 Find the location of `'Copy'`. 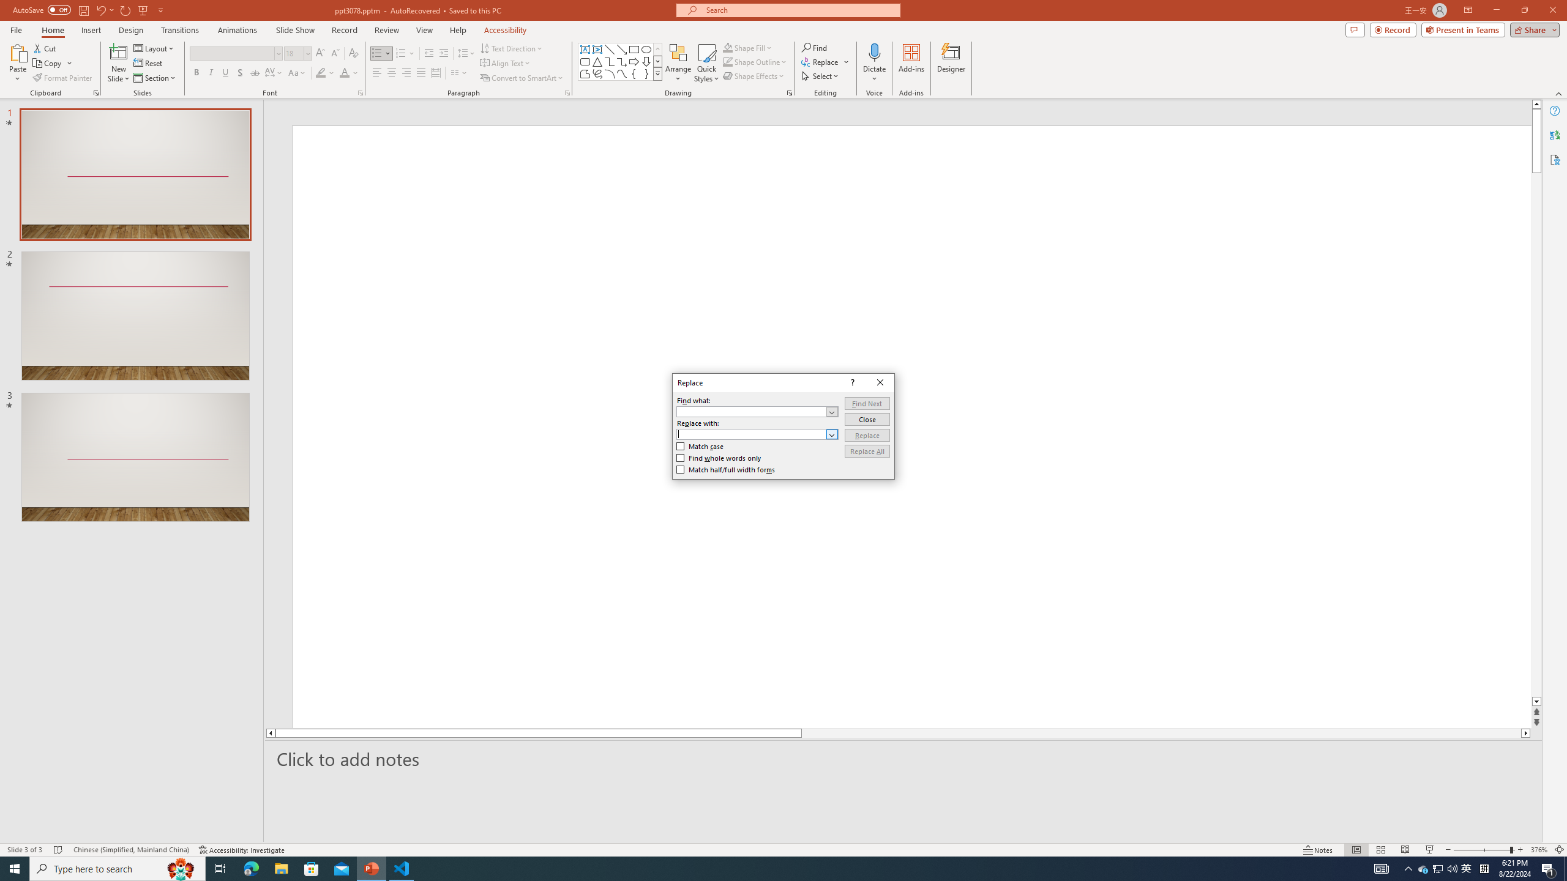

'Copy' is located at coordinates (53, 63).